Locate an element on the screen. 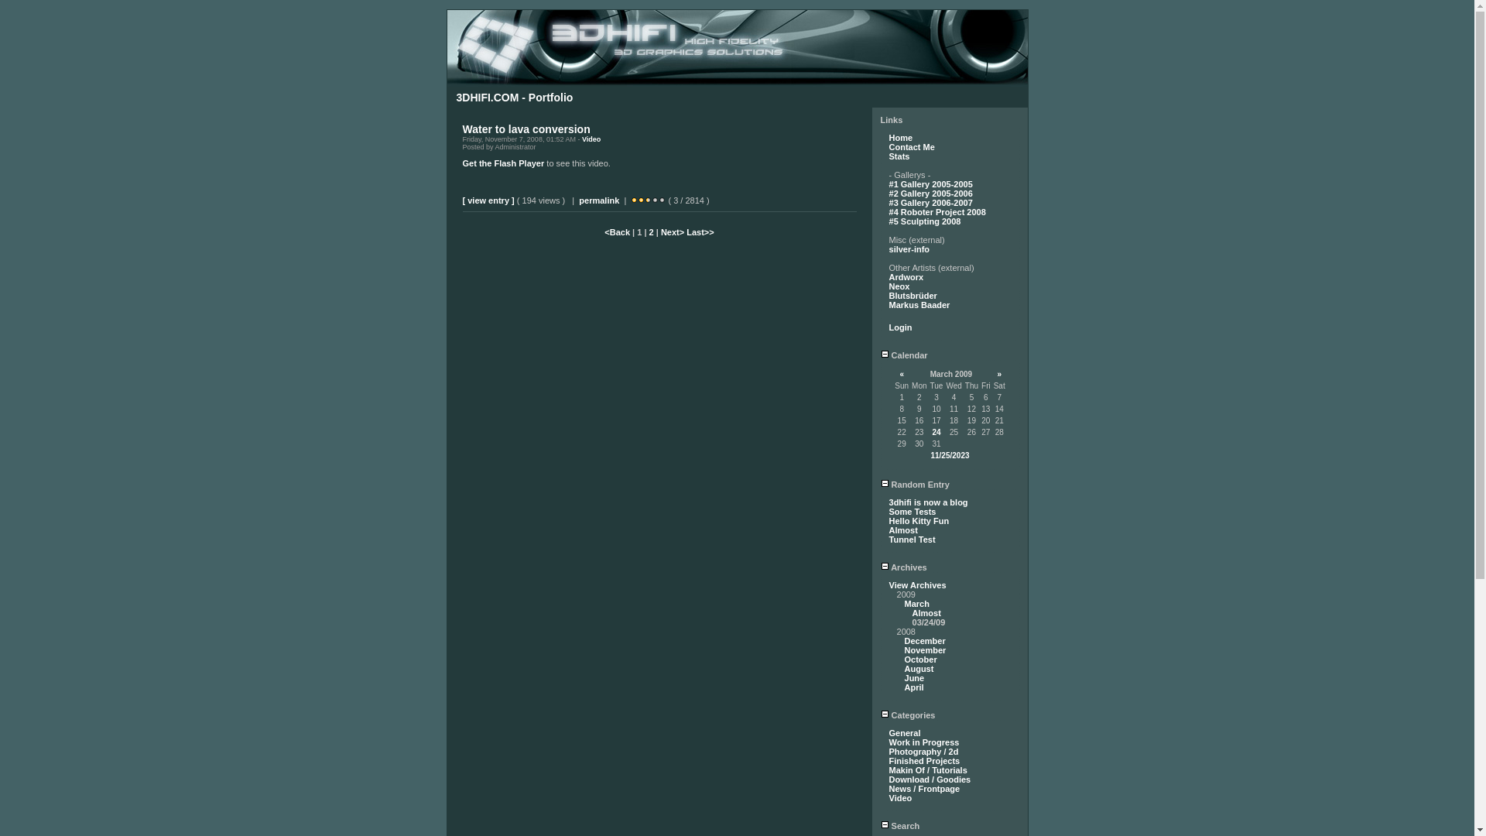 This screenshot has width=1486, height=836. '[ view entry ]' is located at coordinates (488, 199).